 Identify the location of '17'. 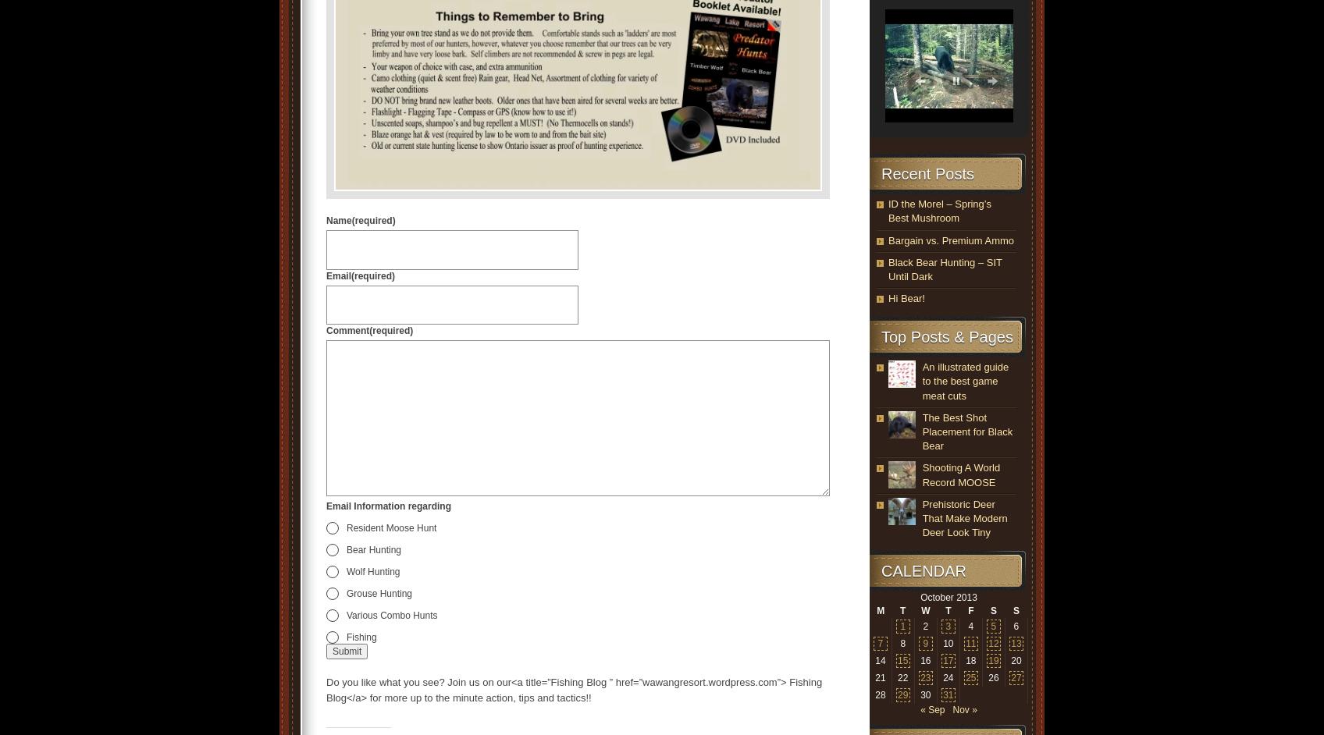
(947, 659).